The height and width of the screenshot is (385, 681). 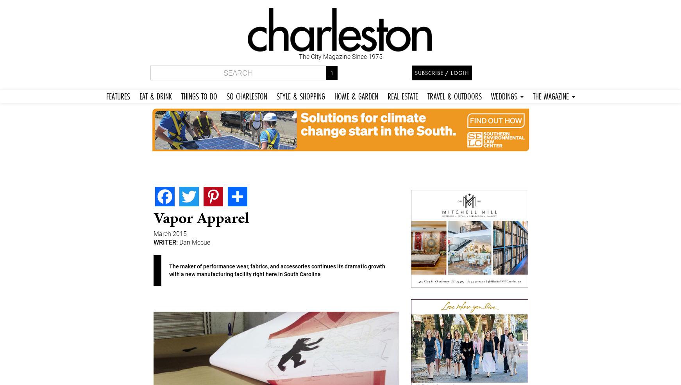 I want to click on 'Vapor Apparel', so click(x=200, y=217).